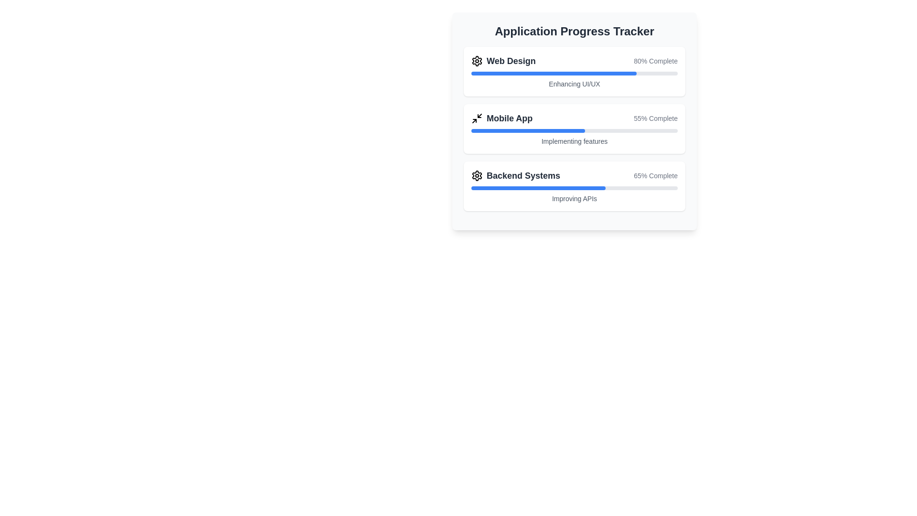 The width and height of the screenshot is (917, 516). Describe the element at coordinates (477, 118) in the screenshot. I see `the icon to the left of the 'Mobile App' label in the second row of the component stack` at that location.